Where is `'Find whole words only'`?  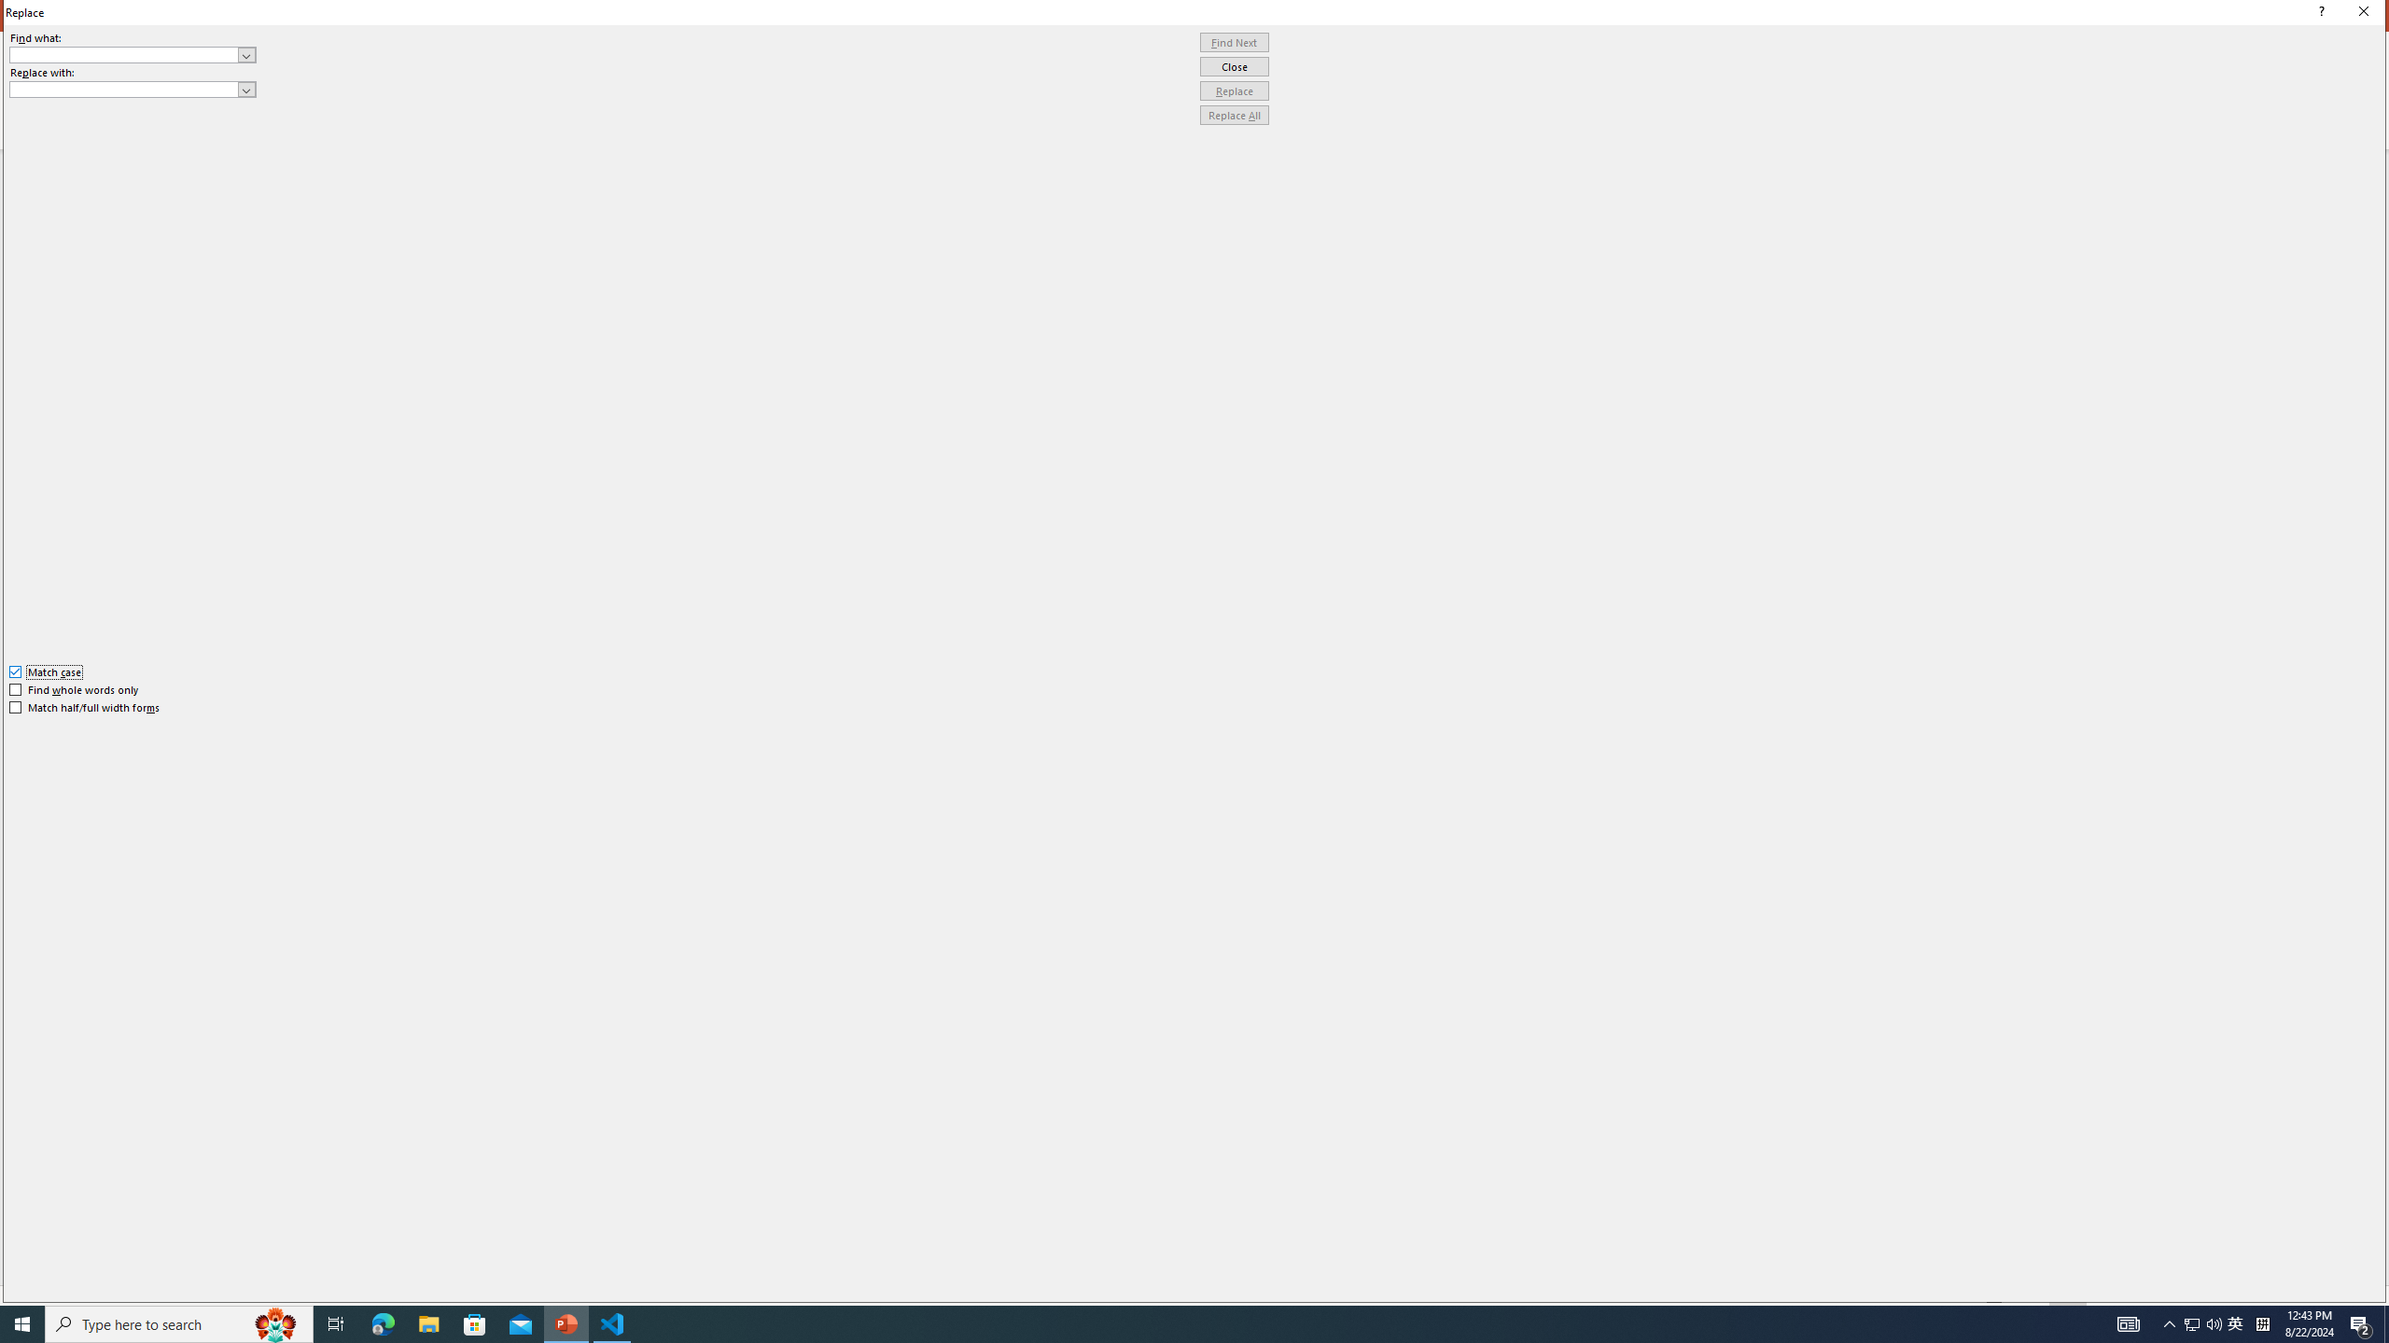
'Find whole words only' is located at coordinates (75, 689).